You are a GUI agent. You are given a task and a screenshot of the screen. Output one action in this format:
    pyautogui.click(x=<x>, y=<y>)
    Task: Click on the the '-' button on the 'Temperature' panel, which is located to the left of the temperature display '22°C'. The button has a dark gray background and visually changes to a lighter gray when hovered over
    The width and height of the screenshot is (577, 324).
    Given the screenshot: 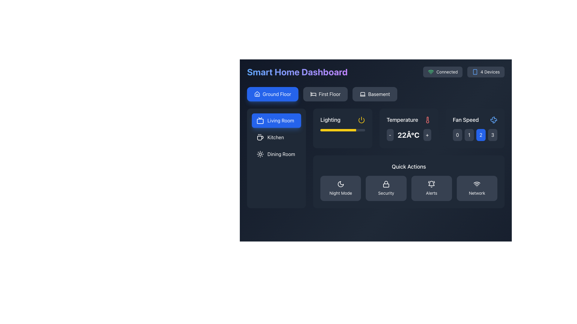 What is the action you would take?
    pyautogui.click(x=390, y=135)
    